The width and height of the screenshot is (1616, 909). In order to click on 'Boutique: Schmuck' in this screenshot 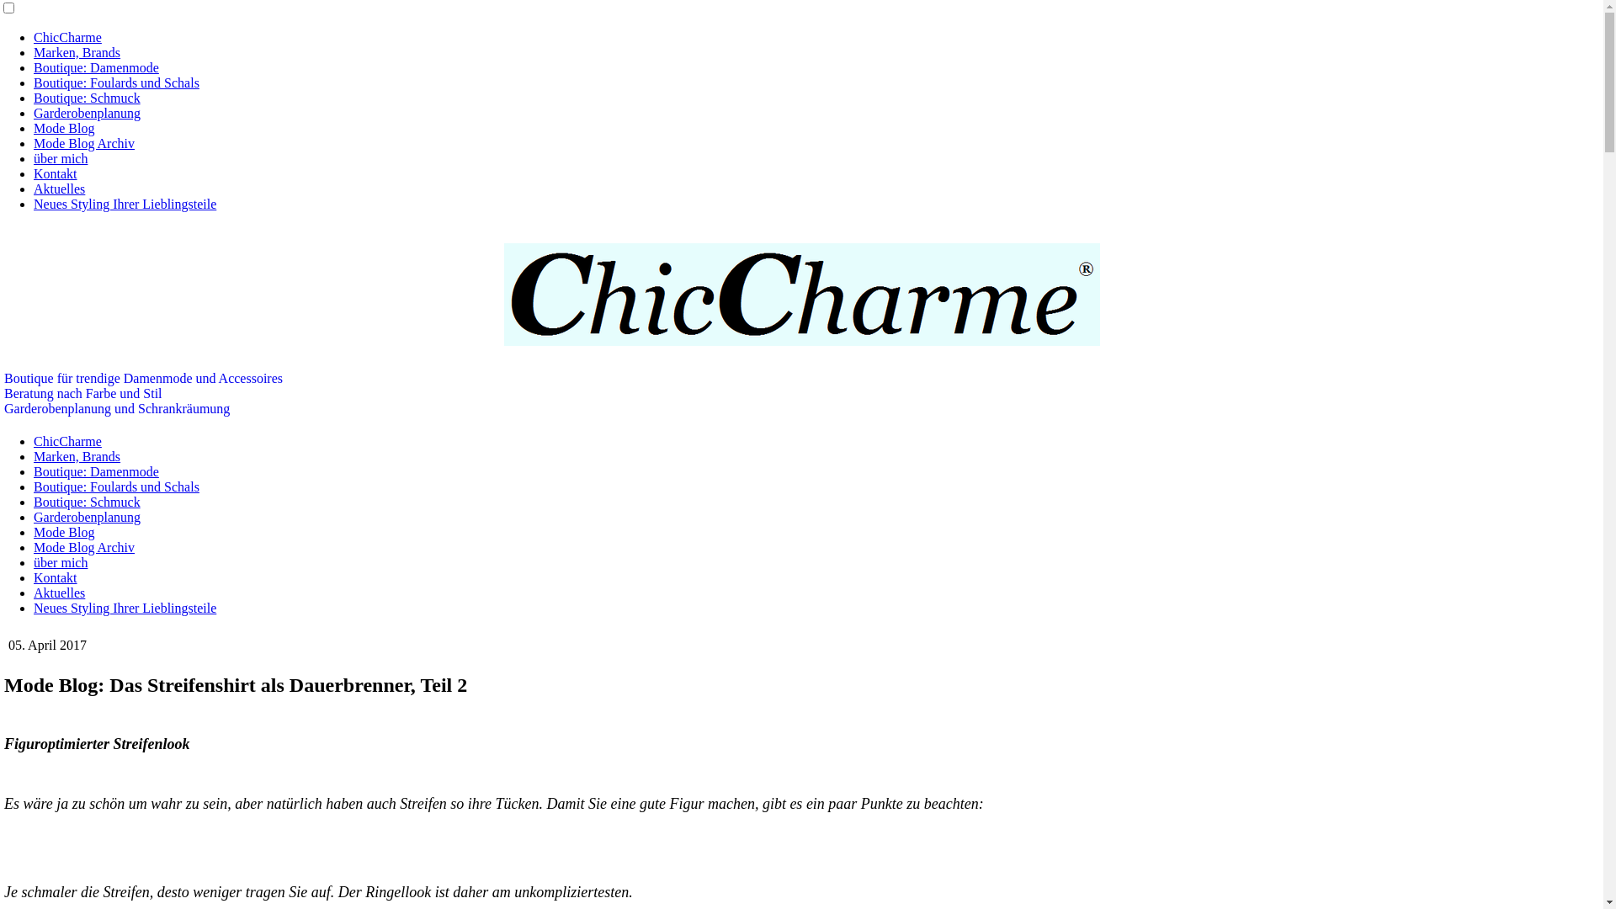, I will do `click(86, 501)`.